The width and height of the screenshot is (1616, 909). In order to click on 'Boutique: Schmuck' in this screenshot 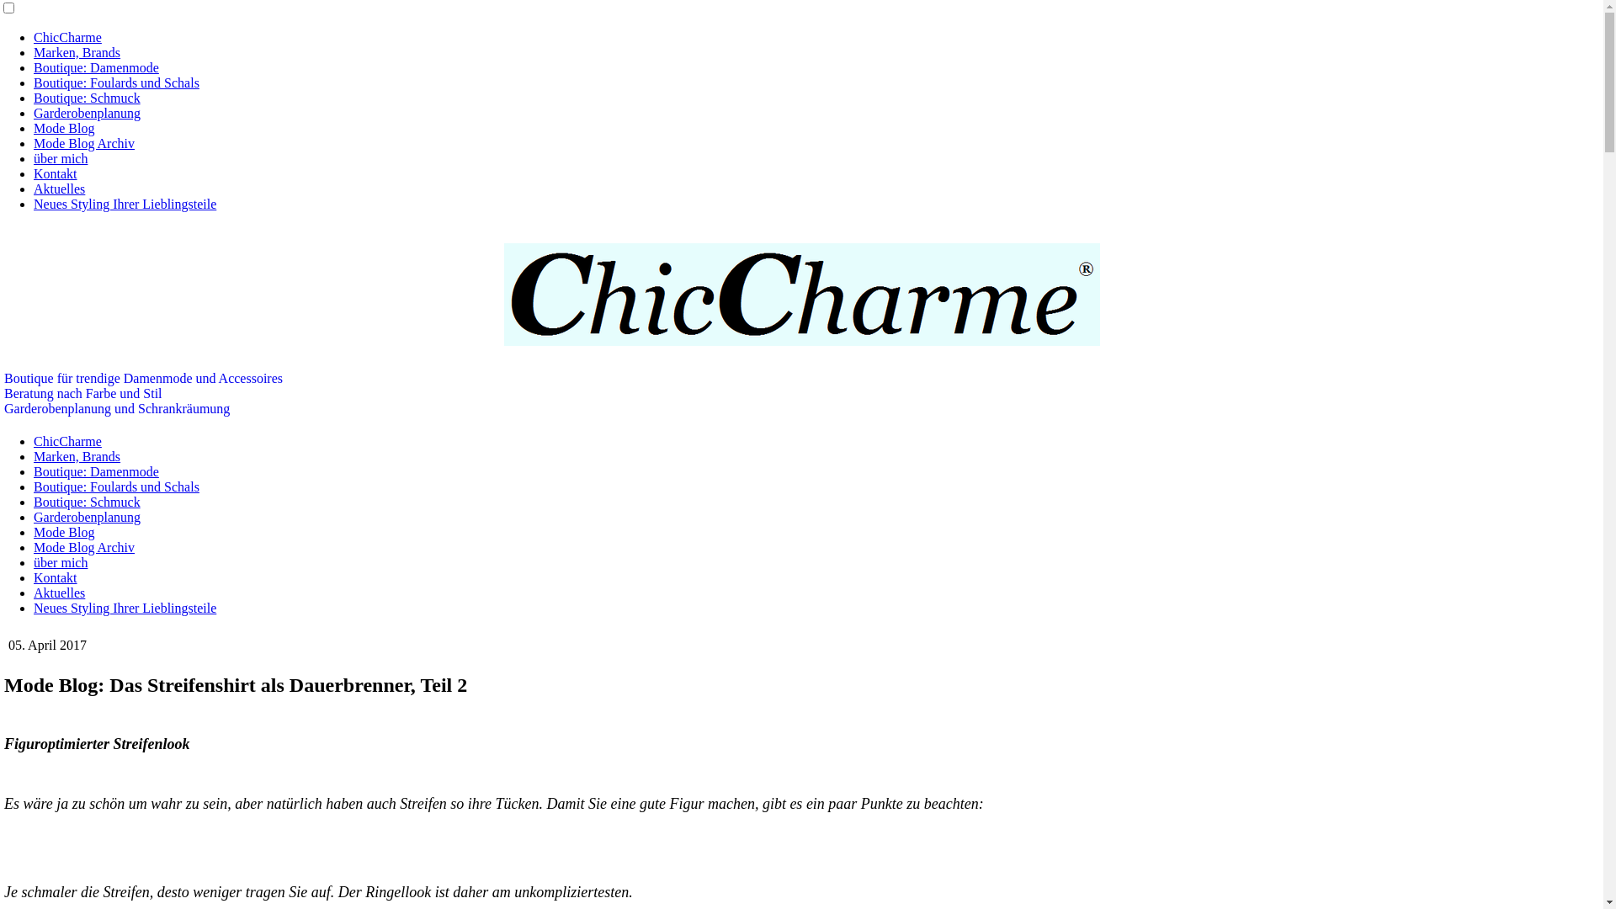, I will do `click(86, 501)`.